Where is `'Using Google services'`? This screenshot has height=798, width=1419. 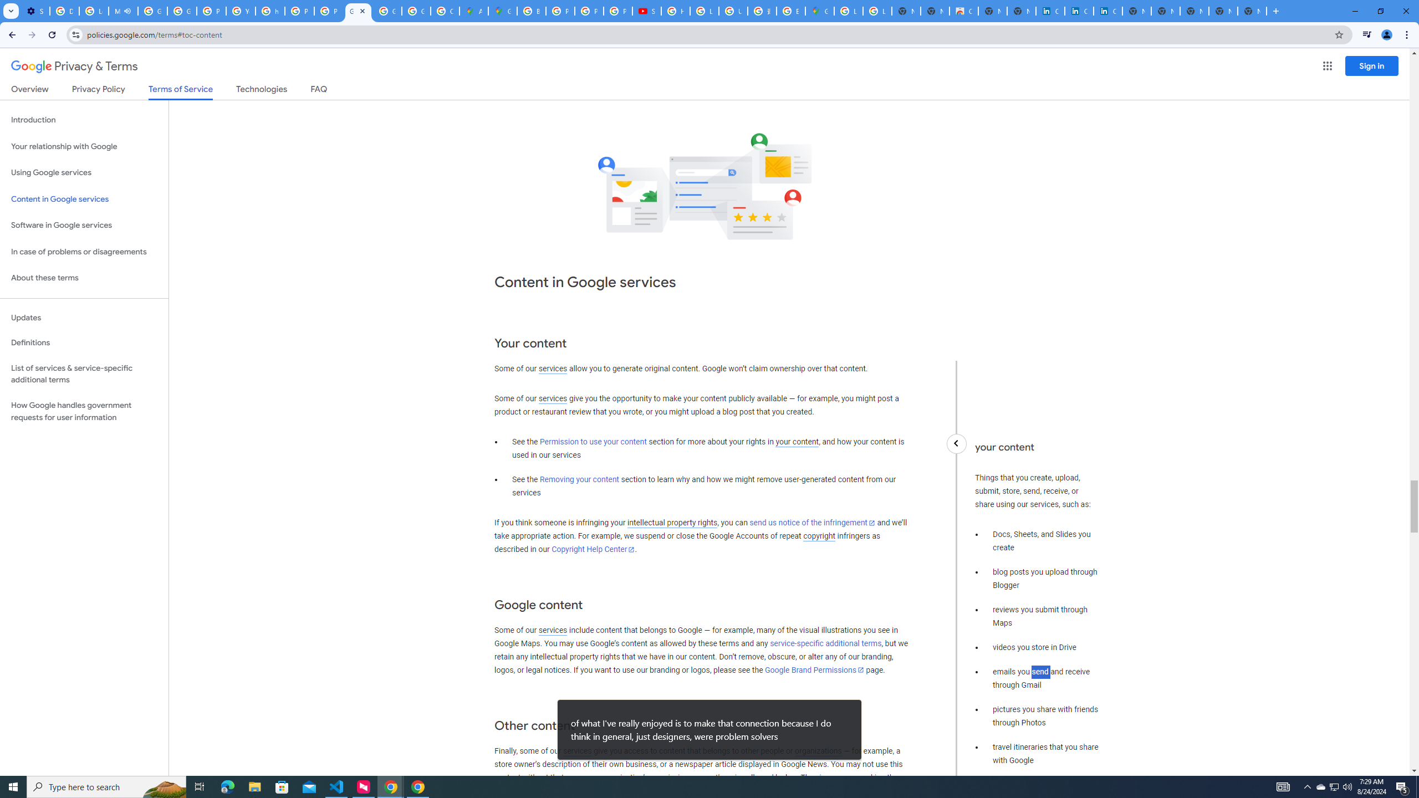
'Using Google services' is located at coordinates (84, 172).